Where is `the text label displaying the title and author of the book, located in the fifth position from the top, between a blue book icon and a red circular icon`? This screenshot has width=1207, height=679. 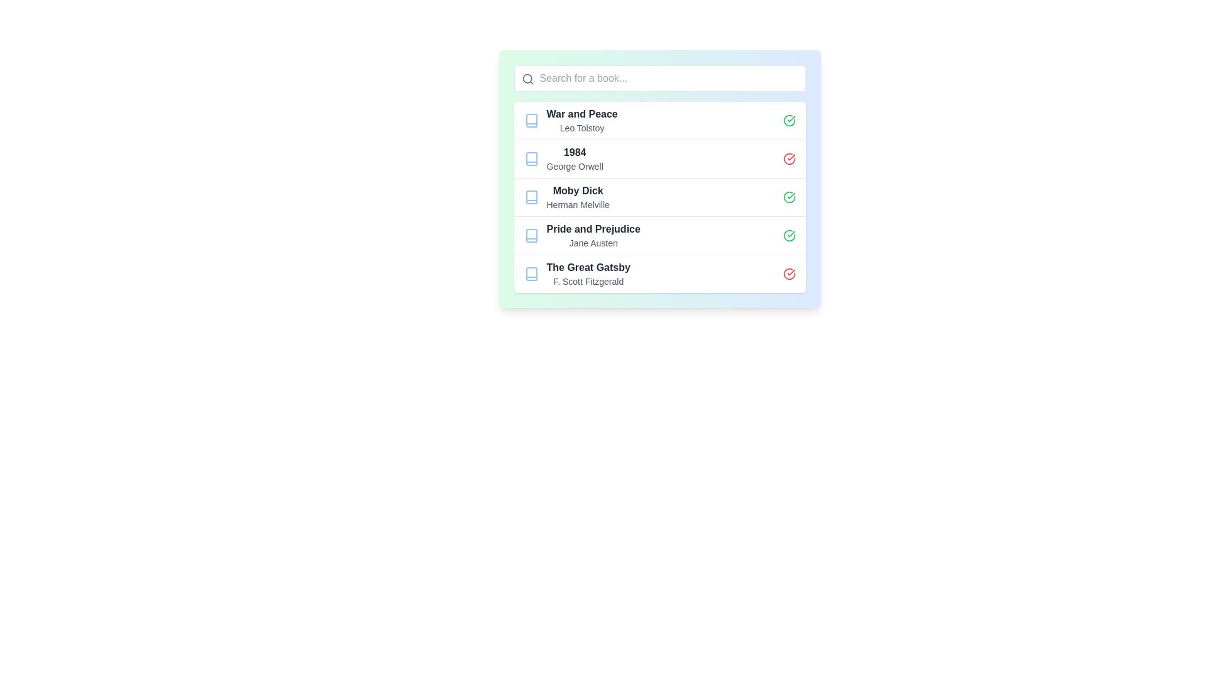 the text label displaying the title and author of the book, located in the fifth position from the top, between a blue book icon and a red circular icon is located at coordinates (588, 273).